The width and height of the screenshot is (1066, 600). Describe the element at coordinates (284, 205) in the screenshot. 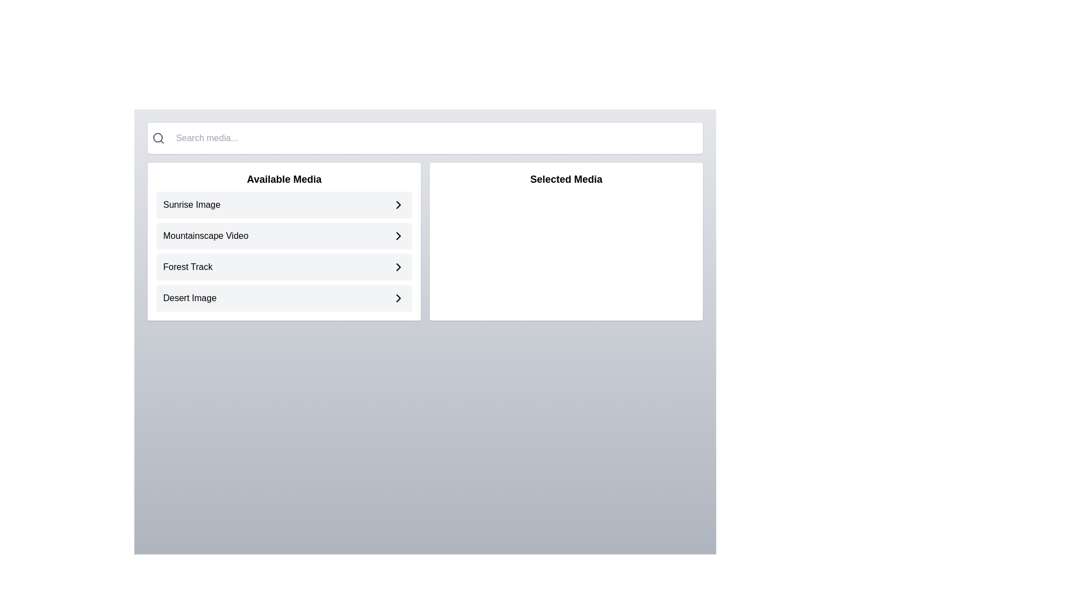

I see `the List item labeled 'Sunrise Image' which is the topmost item in the 'Available Media' section on the left pane` at that location.